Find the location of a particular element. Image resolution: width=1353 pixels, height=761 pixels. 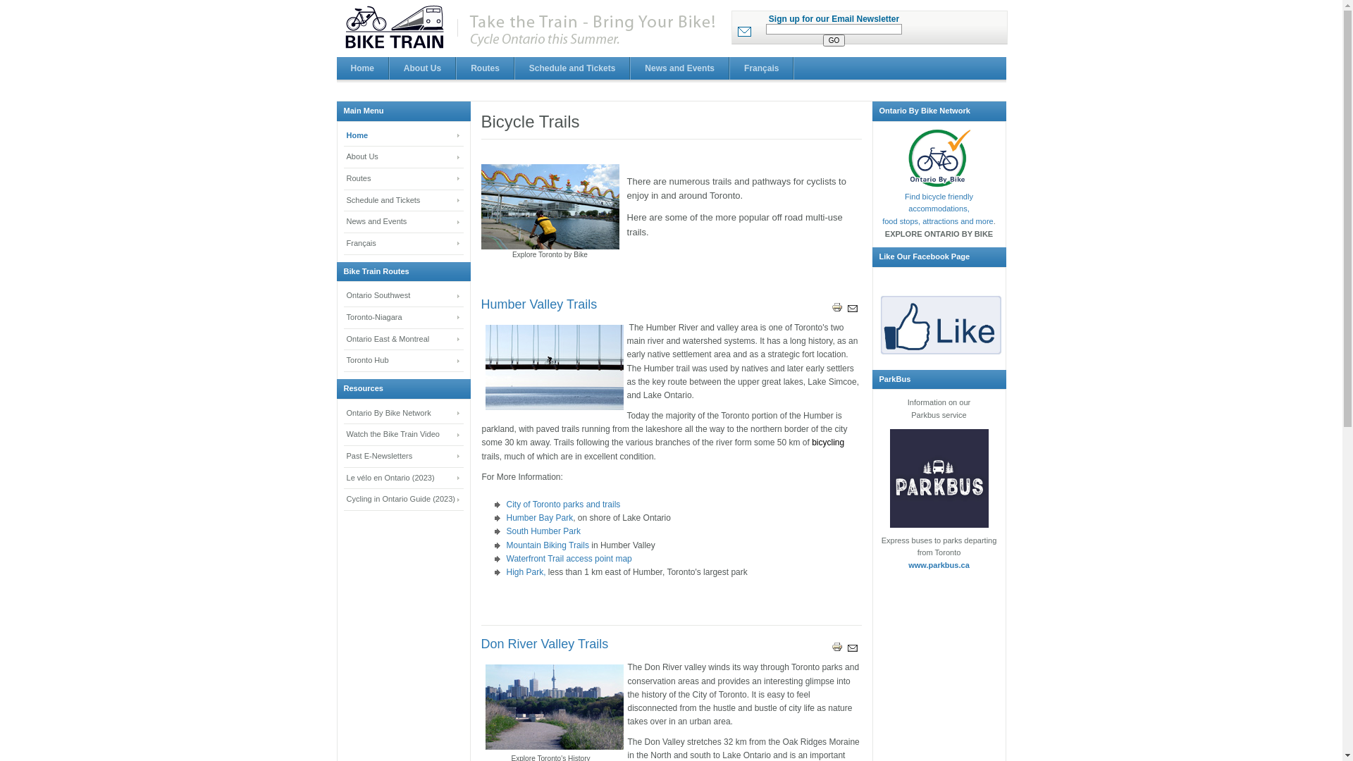

'Toronto-Niagara' is located at coordinates (402, 318).